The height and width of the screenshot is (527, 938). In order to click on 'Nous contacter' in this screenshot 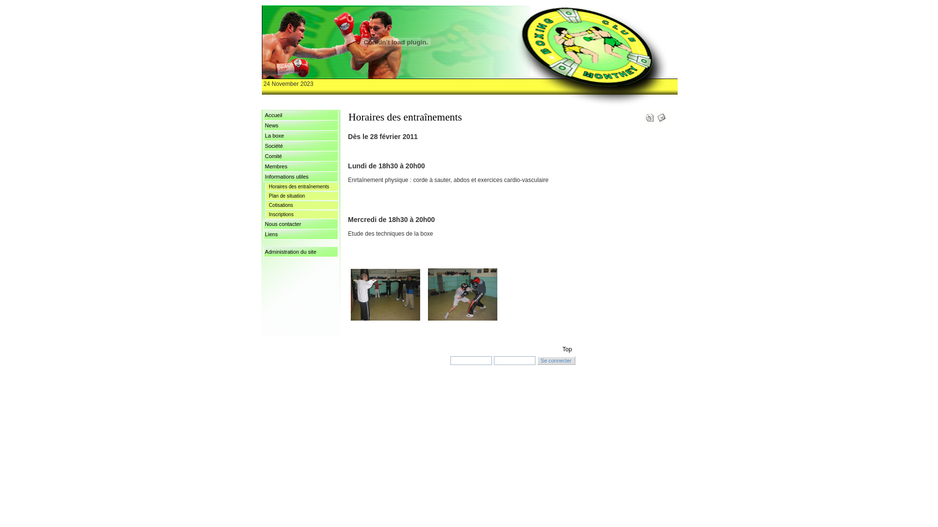, I will do `click(300, 224)`.